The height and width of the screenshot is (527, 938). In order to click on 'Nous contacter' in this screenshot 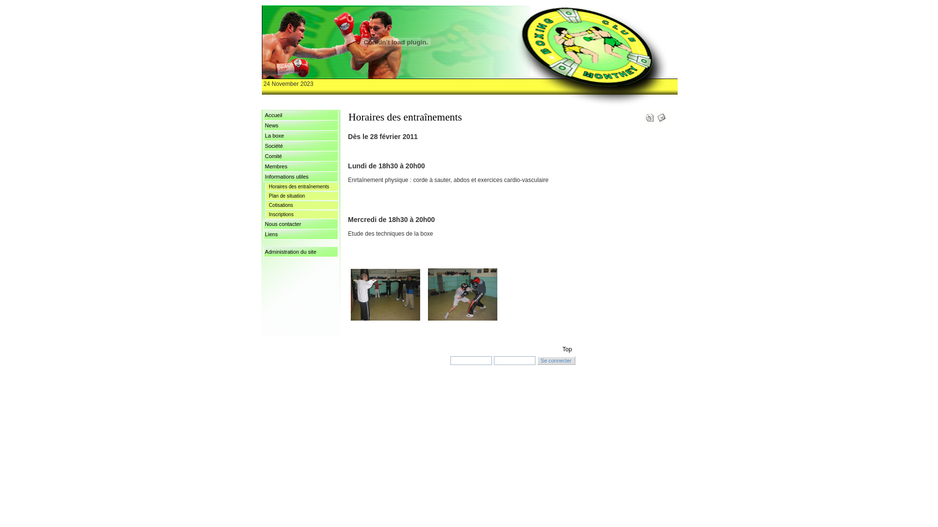, I will do `click(300, 224)`.